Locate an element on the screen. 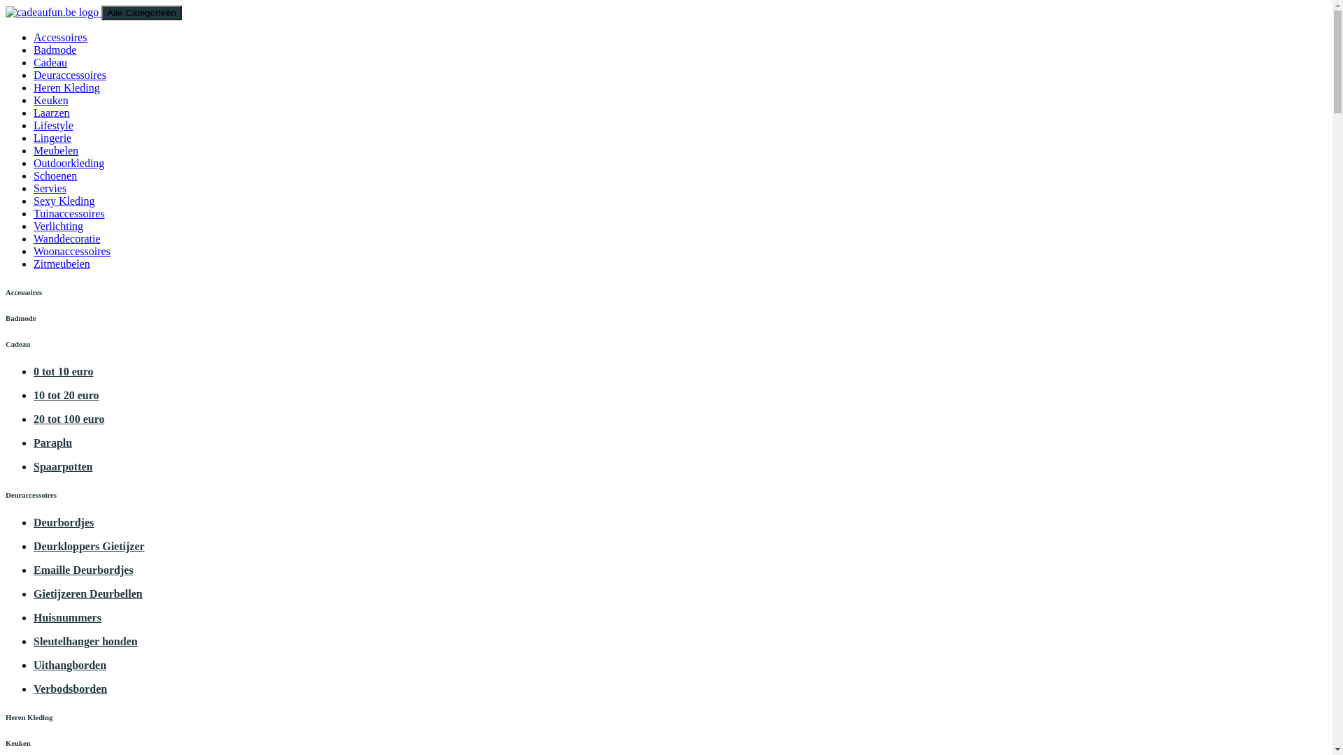 This screenshot has width=1343, height=755. '20 tot 100 euro' is located at coordinates (68, 418).